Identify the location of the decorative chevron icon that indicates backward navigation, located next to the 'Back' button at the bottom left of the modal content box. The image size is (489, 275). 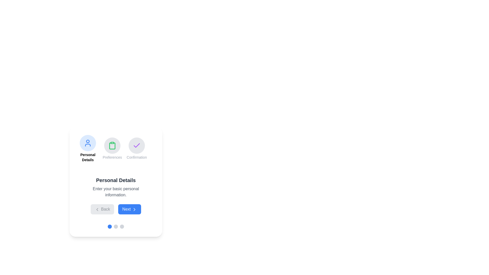
(97, 209).